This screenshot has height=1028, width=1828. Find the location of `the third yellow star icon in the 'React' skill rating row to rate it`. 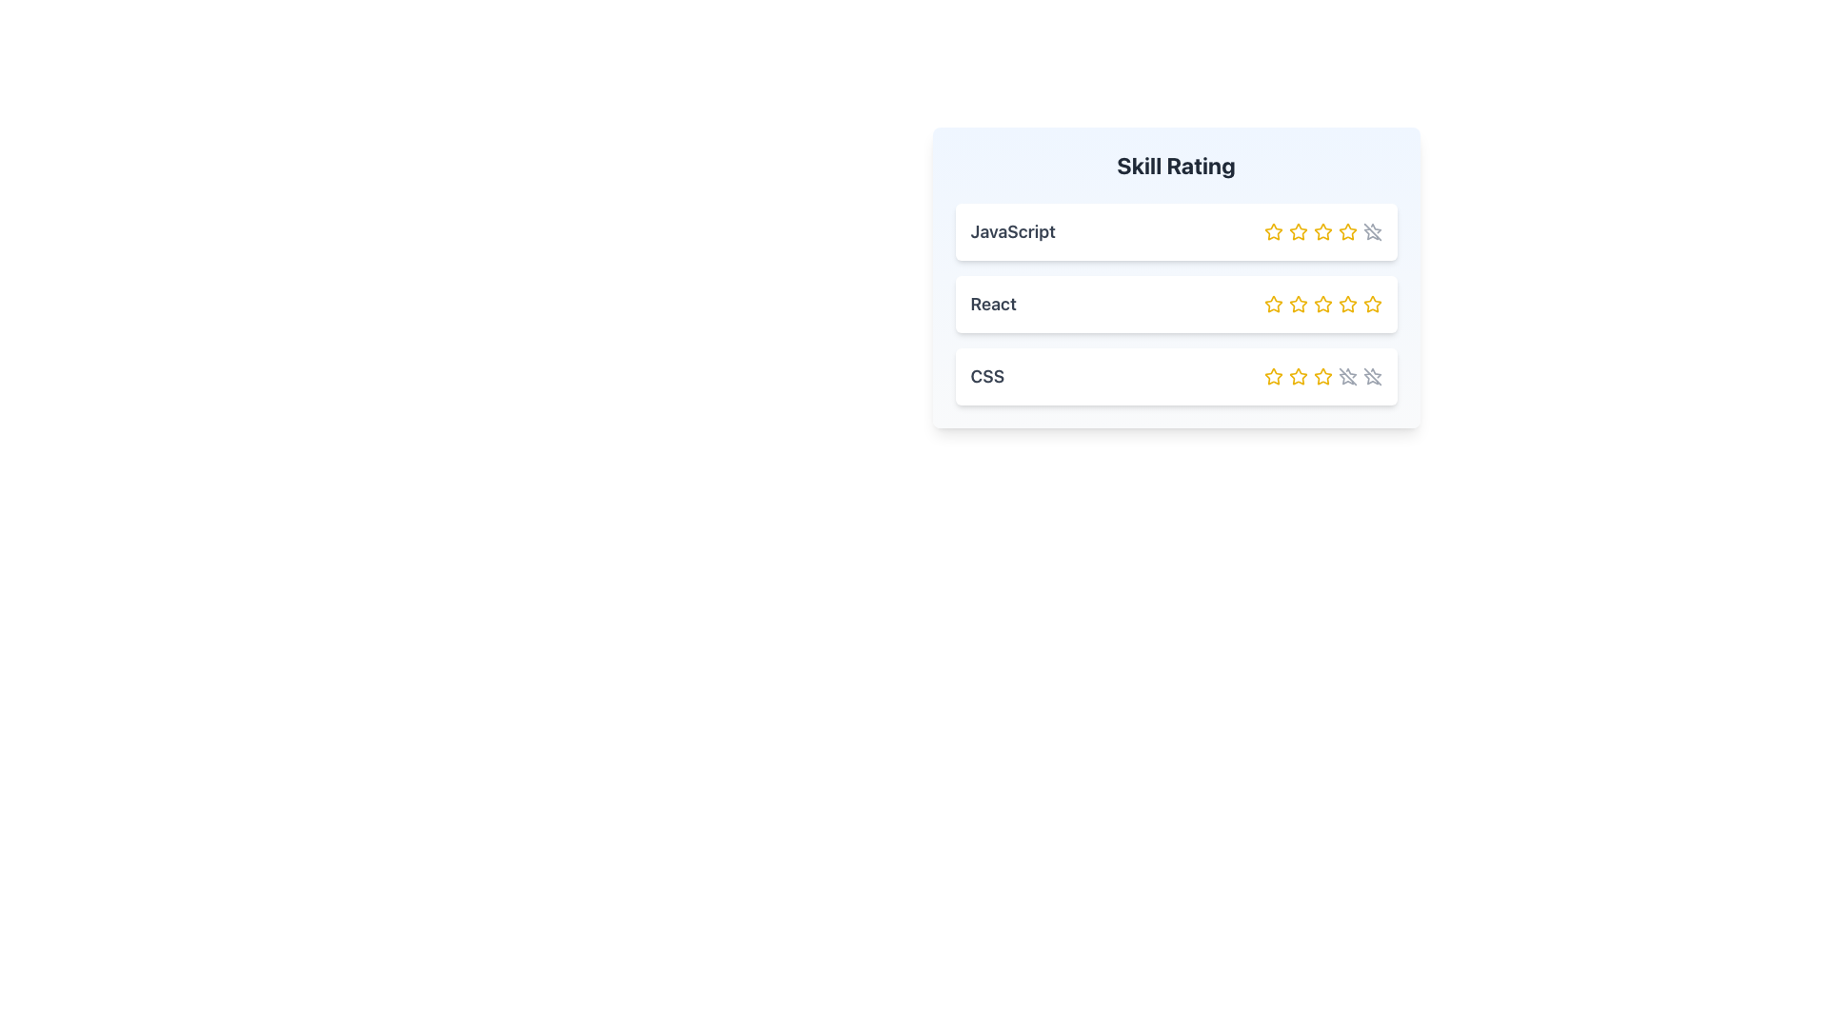

the third yellow star icon in the 'React' skill rating row to rate it is located at coordinates (1346, 303).